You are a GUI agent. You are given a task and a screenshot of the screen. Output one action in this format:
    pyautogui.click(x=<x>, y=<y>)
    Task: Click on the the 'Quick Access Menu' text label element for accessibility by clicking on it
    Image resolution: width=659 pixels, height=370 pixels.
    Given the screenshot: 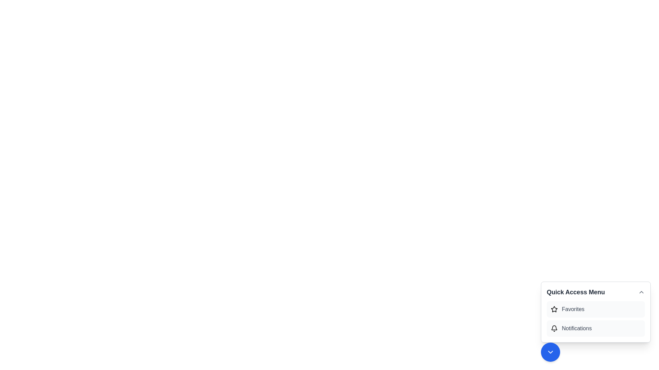 What is the action you would take?
    pyautogui.click(x=576, y=292)
    